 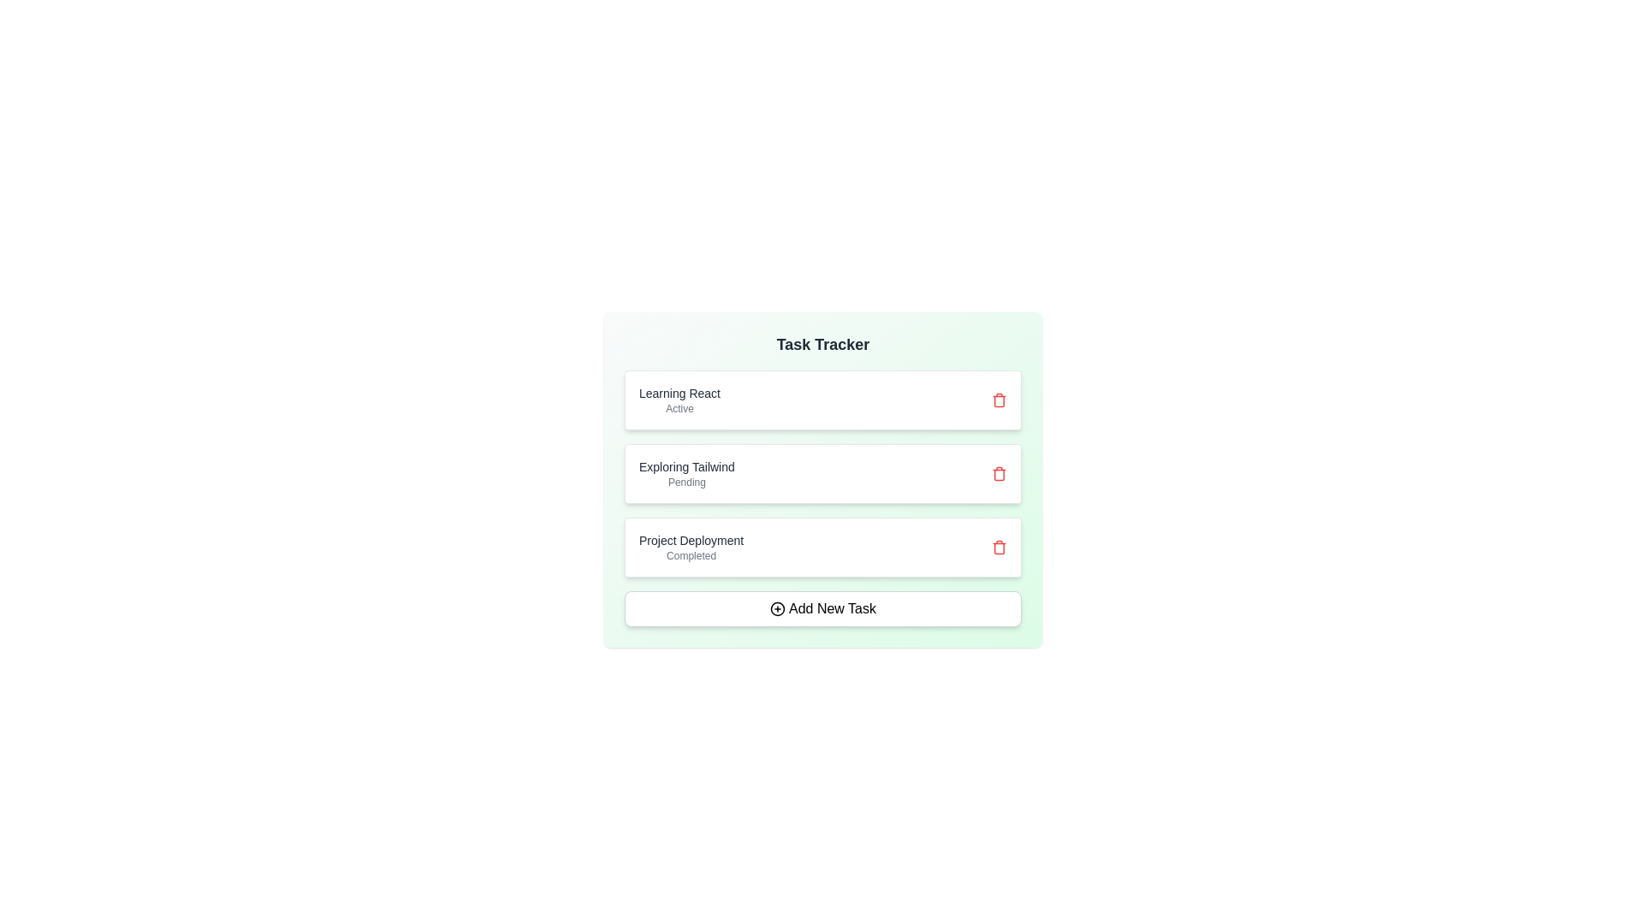 What do you see at coordinates (999, 548) in the screenshot?
I see `the delete button for the task labeled Project Deployment` at bounding box center [999, 548].